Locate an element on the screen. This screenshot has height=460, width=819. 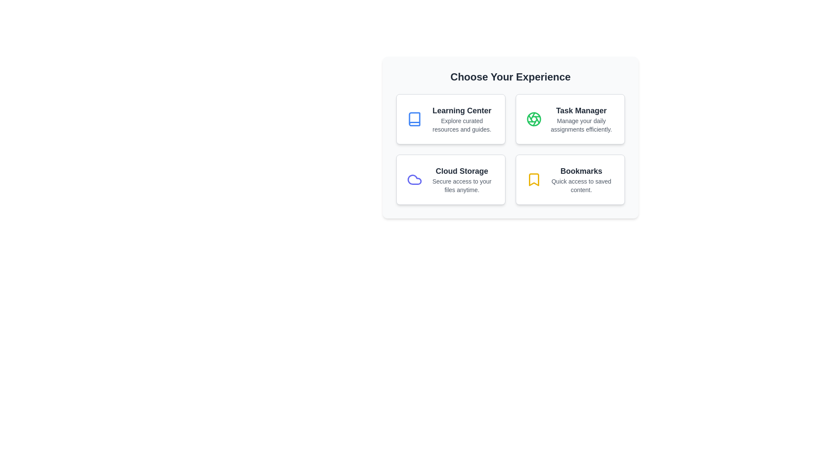
the blue cloud icon in the bottom-left quadrant of the 'Cloud Storage' options grid is located at coordinates (414, 179).